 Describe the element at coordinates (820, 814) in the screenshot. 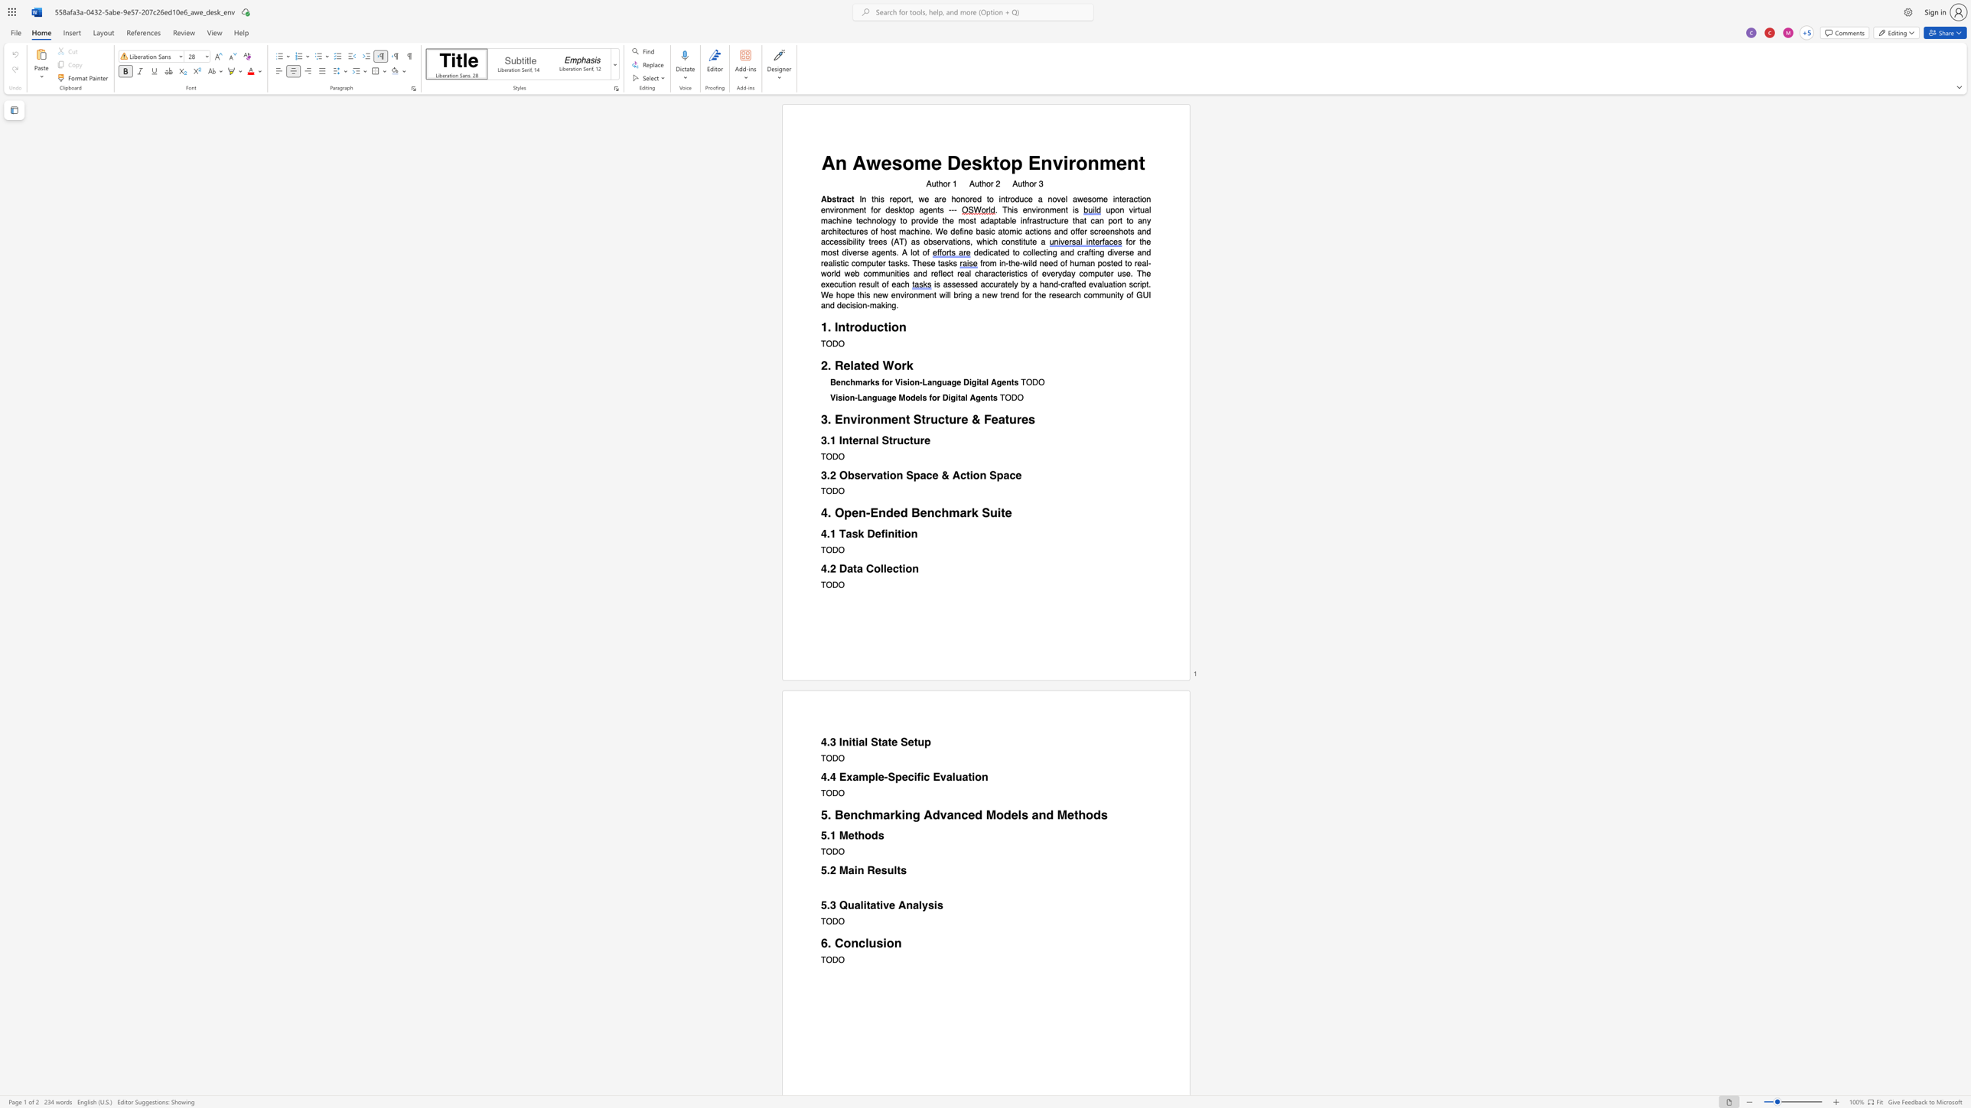

I see `the subset text "5. Benchmarking Ad" within the text "5. Benchmarking Advanced Models and Methods"` at that location.